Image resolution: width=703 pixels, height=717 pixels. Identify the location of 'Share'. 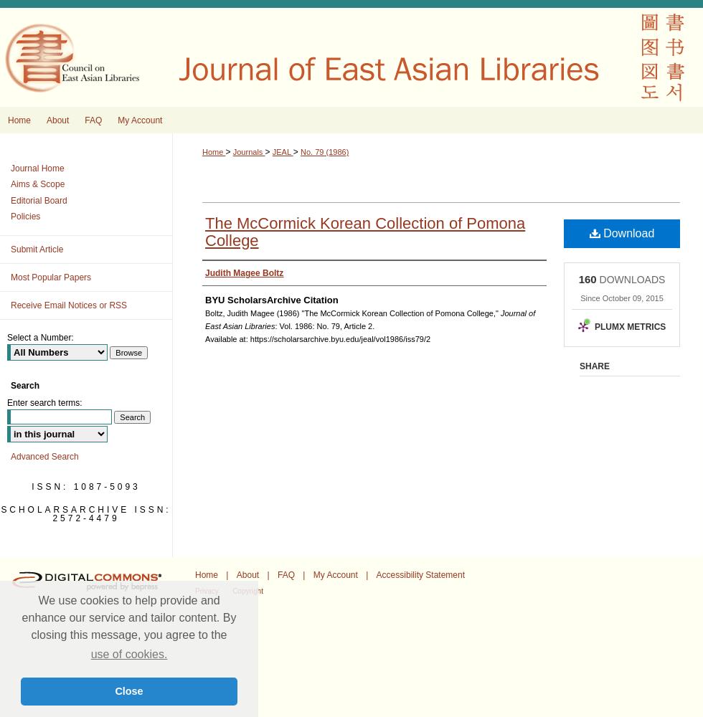
(580, 366).